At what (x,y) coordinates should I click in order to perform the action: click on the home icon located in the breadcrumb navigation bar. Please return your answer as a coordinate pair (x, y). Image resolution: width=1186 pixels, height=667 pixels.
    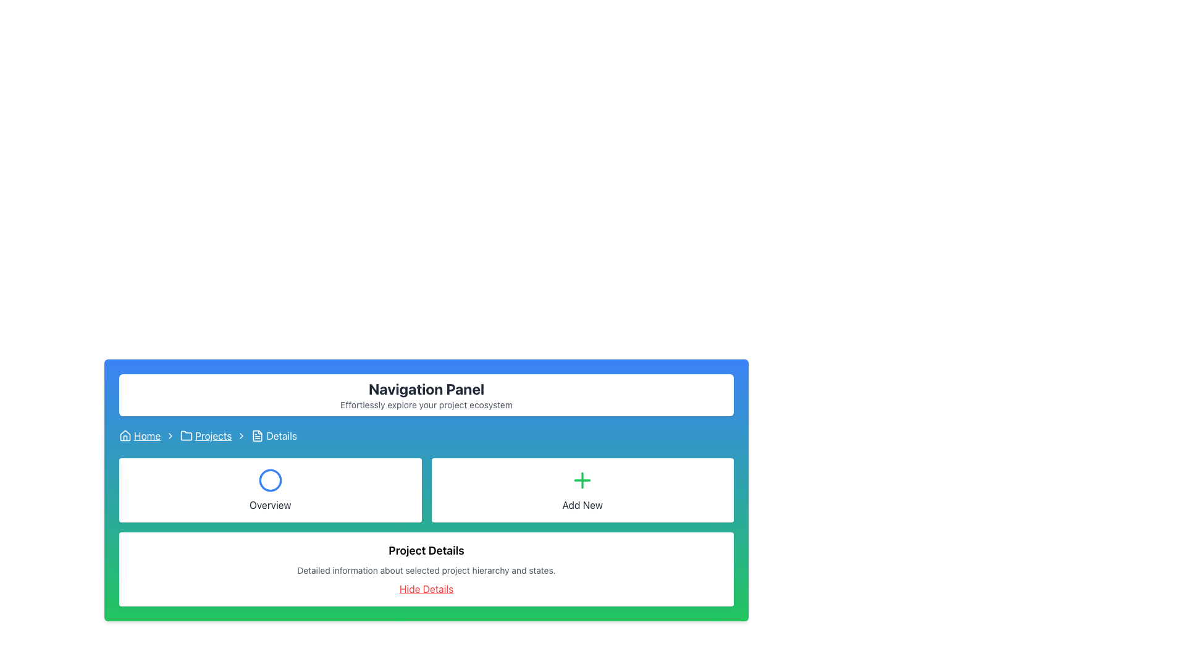
    Looking at the image, I should click on (125, 435).